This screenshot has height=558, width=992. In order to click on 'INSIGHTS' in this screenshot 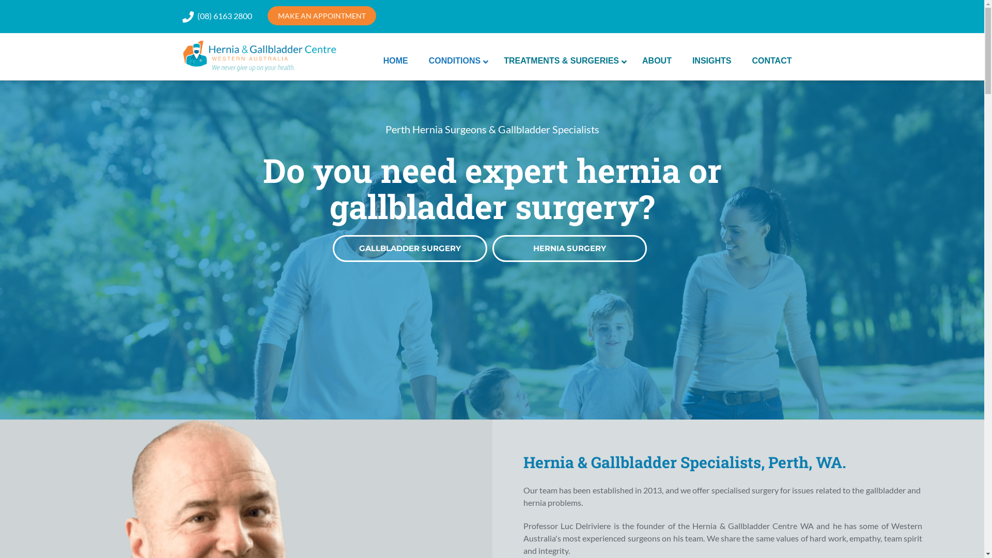, I will do `click(711, 61)`.